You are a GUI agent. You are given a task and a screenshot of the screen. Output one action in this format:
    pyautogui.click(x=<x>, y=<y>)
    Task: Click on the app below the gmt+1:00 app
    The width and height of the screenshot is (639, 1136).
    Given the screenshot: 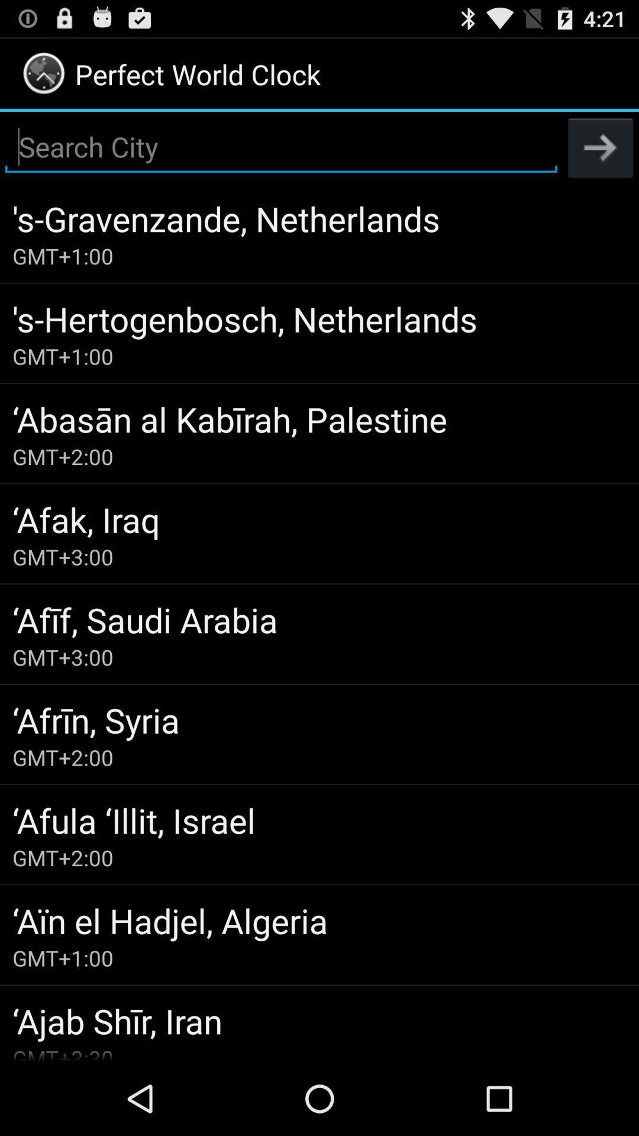 What is the action you would take?
    pyautogui.click(x=319, y=1020)
    